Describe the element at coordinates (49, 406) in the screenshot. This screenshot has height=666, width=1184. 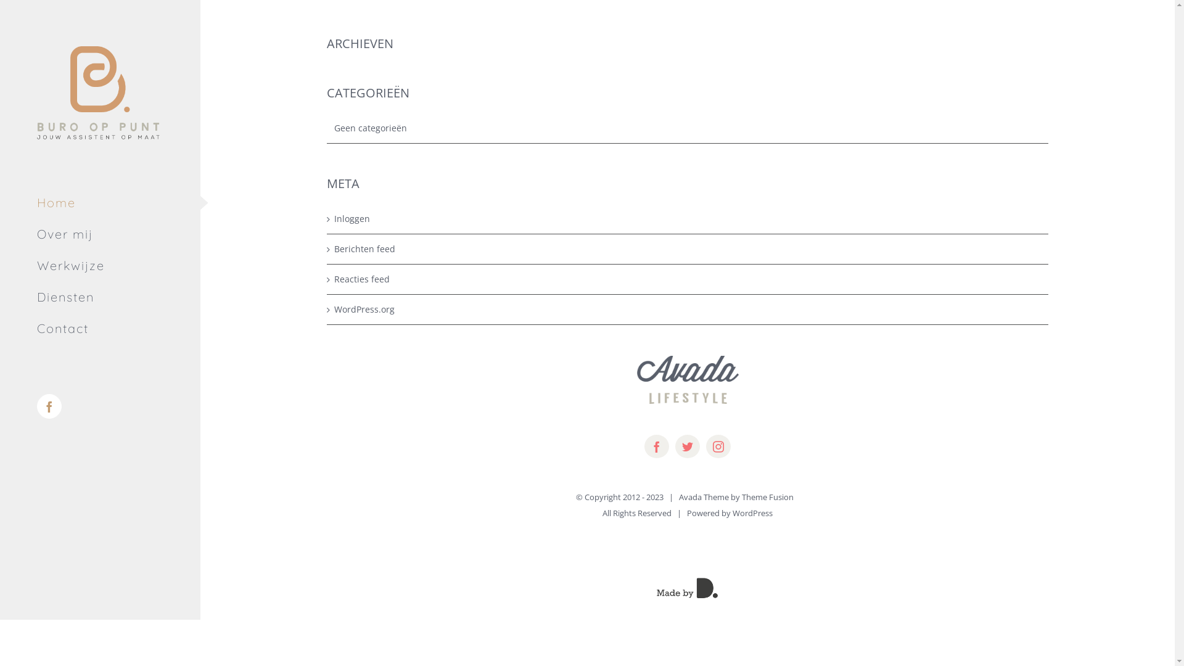
I see `'Facebook'` at that location.